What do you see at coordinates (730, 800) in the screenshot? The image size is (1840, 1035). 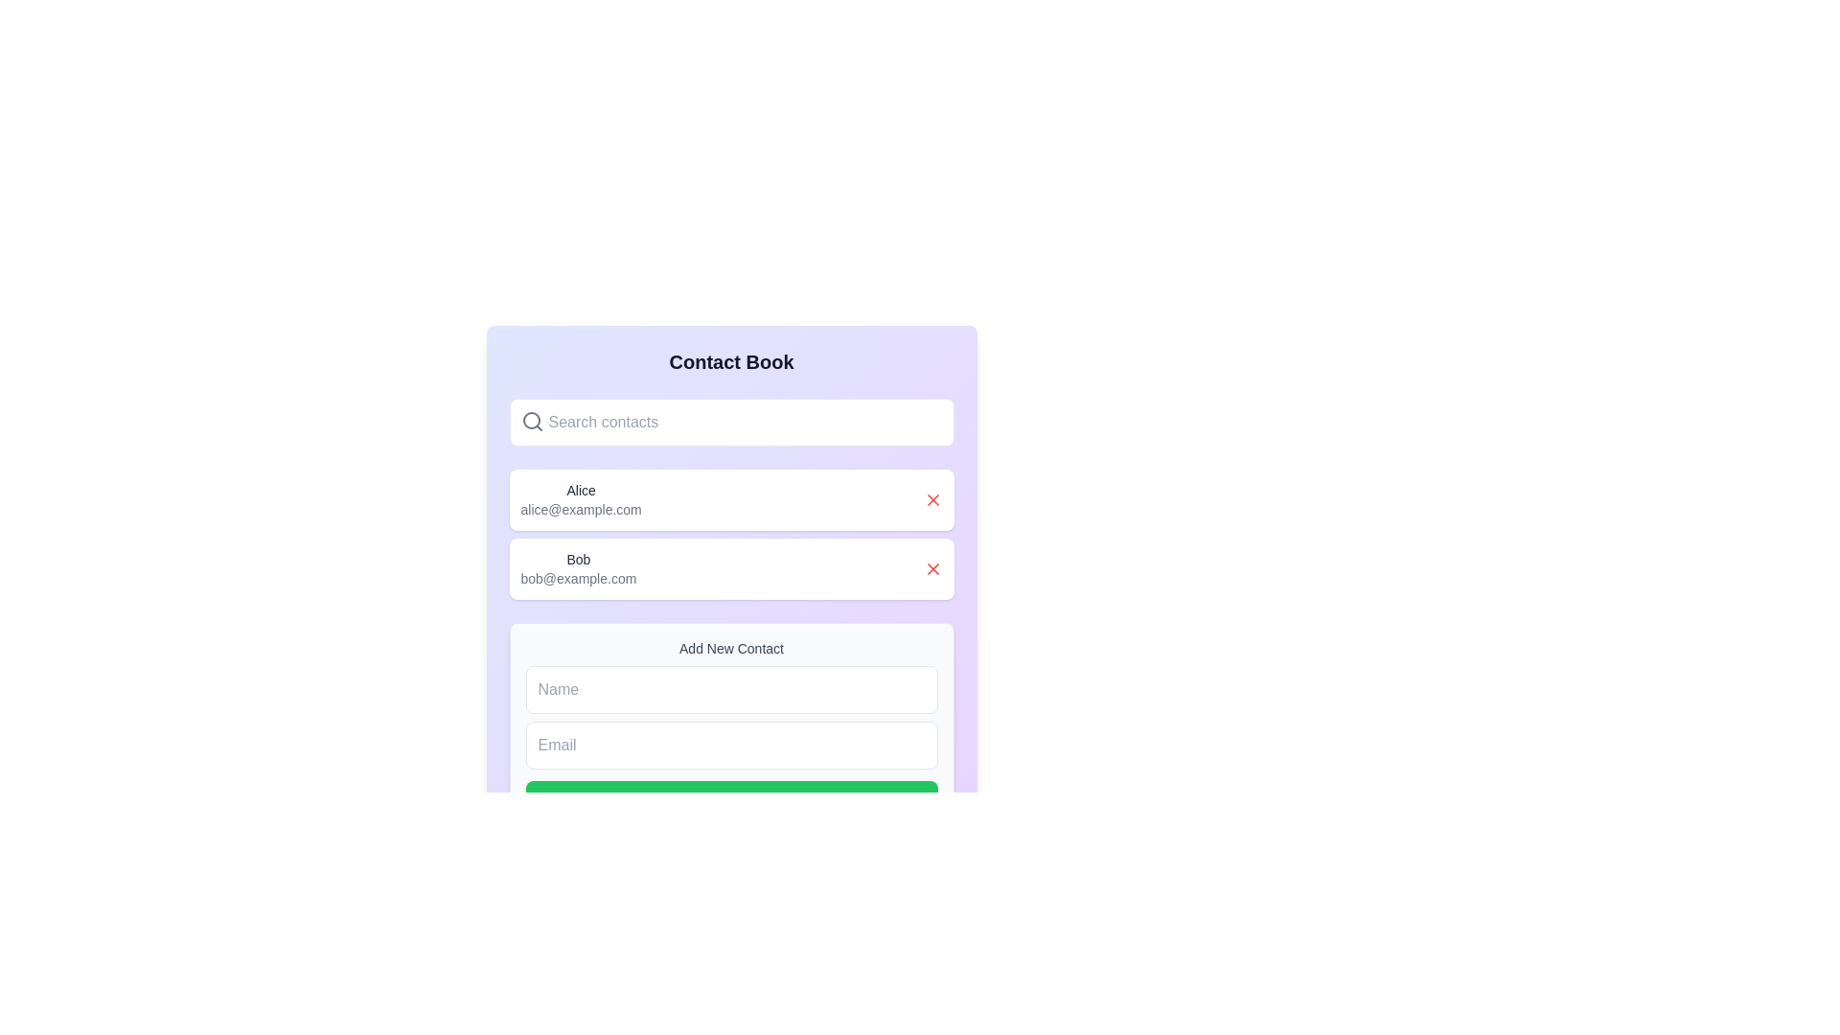 I see `the 'Add Contact' button, which is a rectangular button with rounded corners, bright green background, and white text, located under the email input field in the 'Add New Contact' section` at bounding box center [730, 800].